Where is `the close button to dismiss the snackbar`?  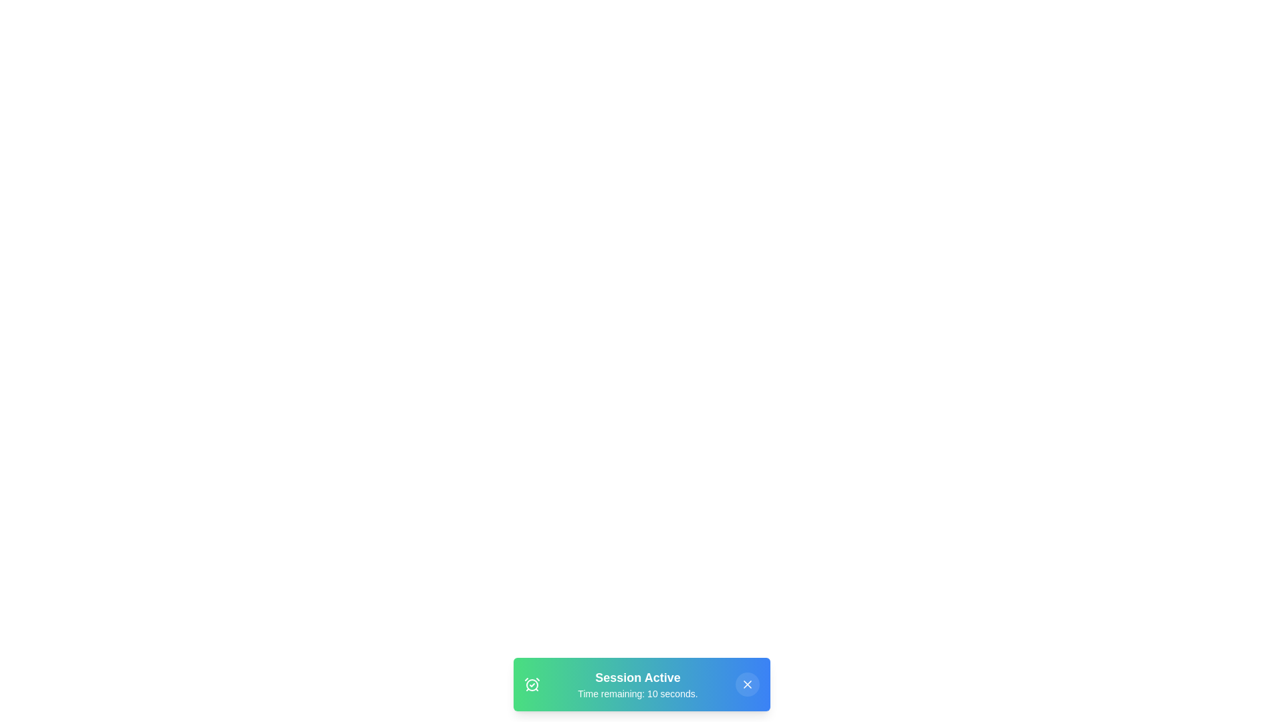
the close button to dismiss the snackbar is located at coordinates (747, 684).